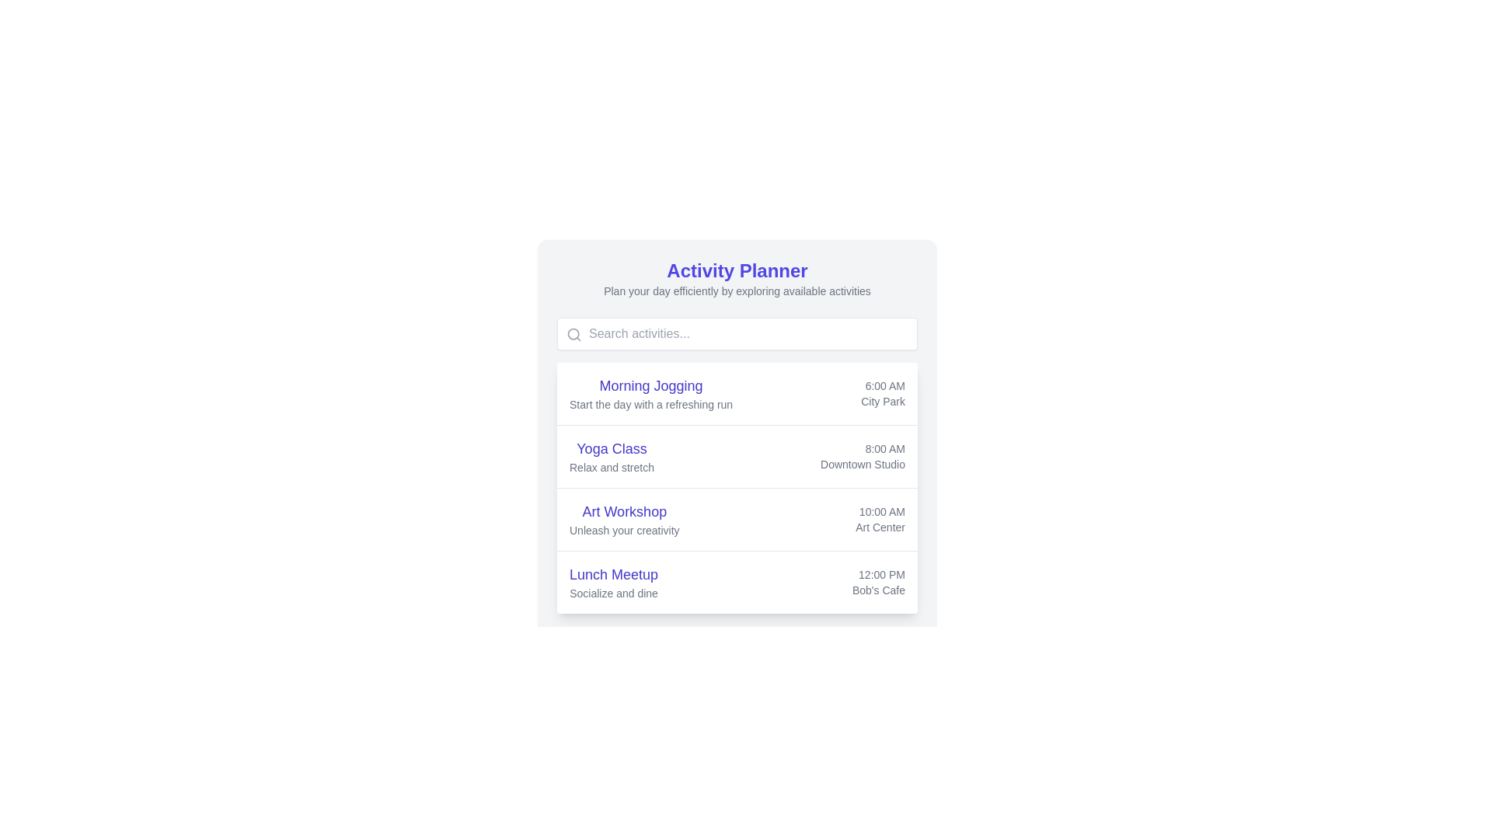  Describe the element at coordinates (624, 512) in the screenshot. I see `the 'Art Workshop' text label` at that location.